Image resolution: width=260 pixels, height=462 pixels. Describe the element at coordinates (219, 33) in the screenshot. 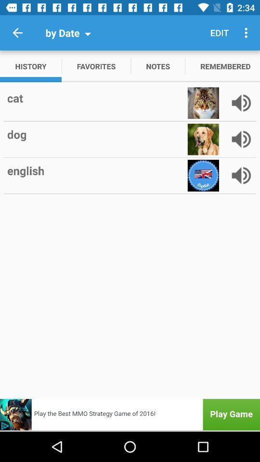

I see `item to the right of the notes item` at that location.